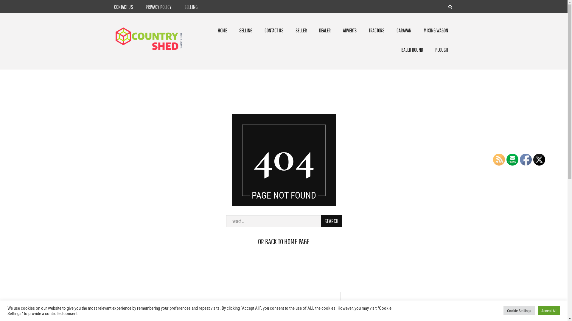 This screenshot has width=572, height=321. What do you see at coordinates (404, 30) in the screenshot?
I see `'CARAVAN'` at bounding box center [404, 30].